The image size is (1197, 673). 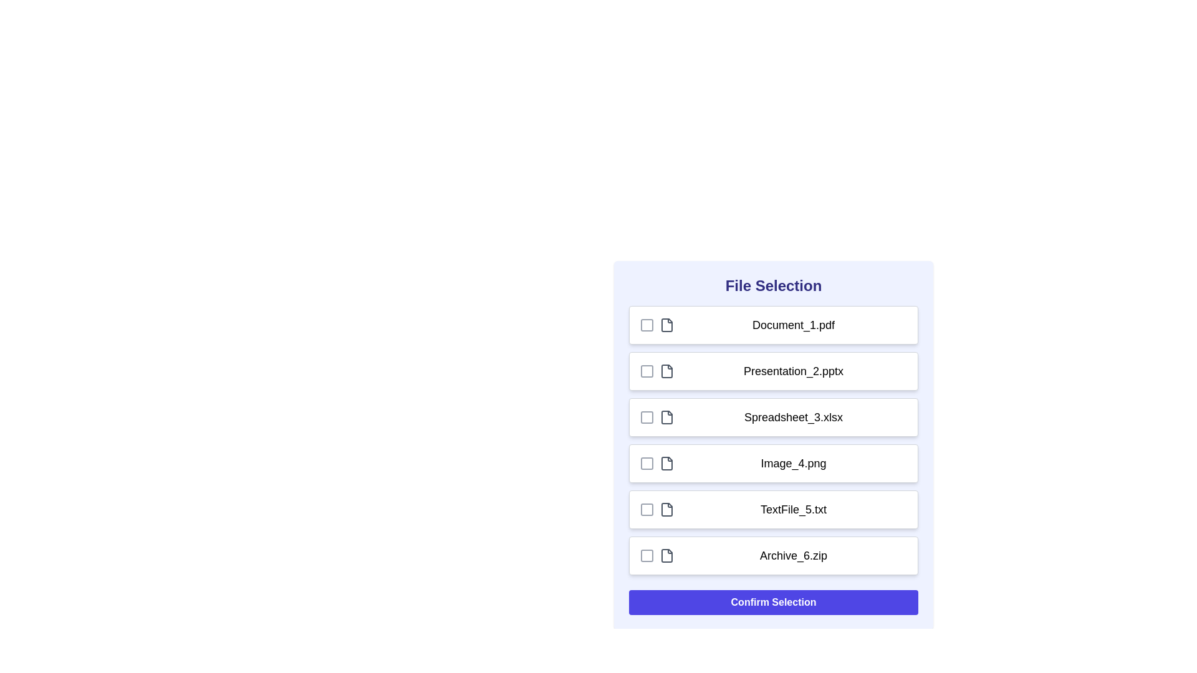 What do you see at coordinates (773, 324) in the screenshot?
I see `the file row corresponding to Document_1.pdf` at bounding box center [773, 324].